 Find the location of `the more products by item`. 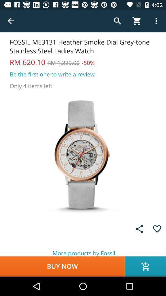

the more products by item is located at coordinates (83, 250).